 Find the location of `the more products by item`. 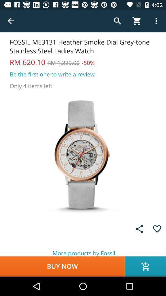

the more products by item is located at coordinates (83, 250).